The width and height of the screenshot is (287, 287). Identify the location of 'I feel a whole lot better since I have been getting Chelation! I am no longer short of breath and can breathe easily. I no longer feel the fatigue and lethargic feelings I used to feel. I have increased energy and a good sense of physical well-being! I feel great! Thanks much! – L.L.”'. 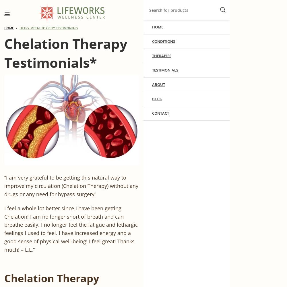
(71, 229).